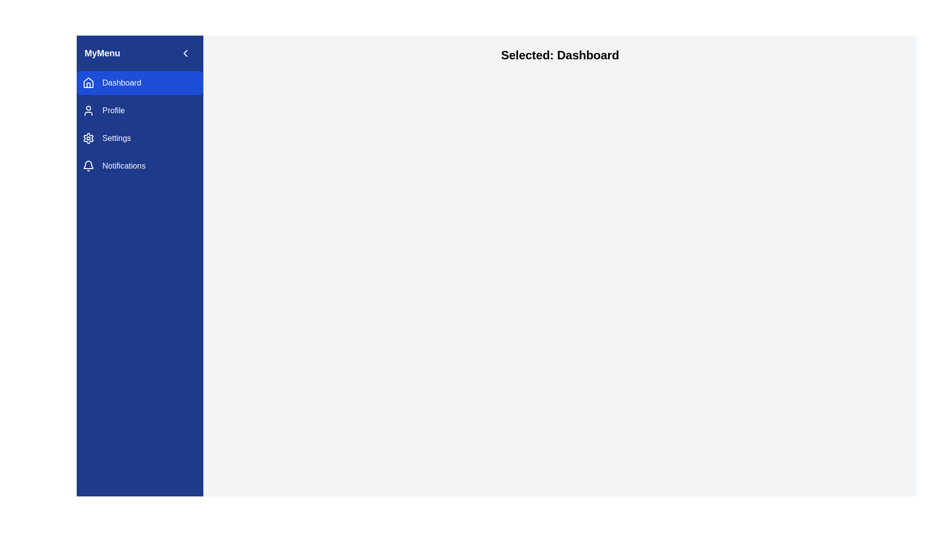 The height and width of the screenshot is (534, 950). What do you see at coordinates (185, 53) in the screenshot?
I see `the Chevron icon button located in the top right corner of the vertical navigation panel` at bounding box center [185, 53].